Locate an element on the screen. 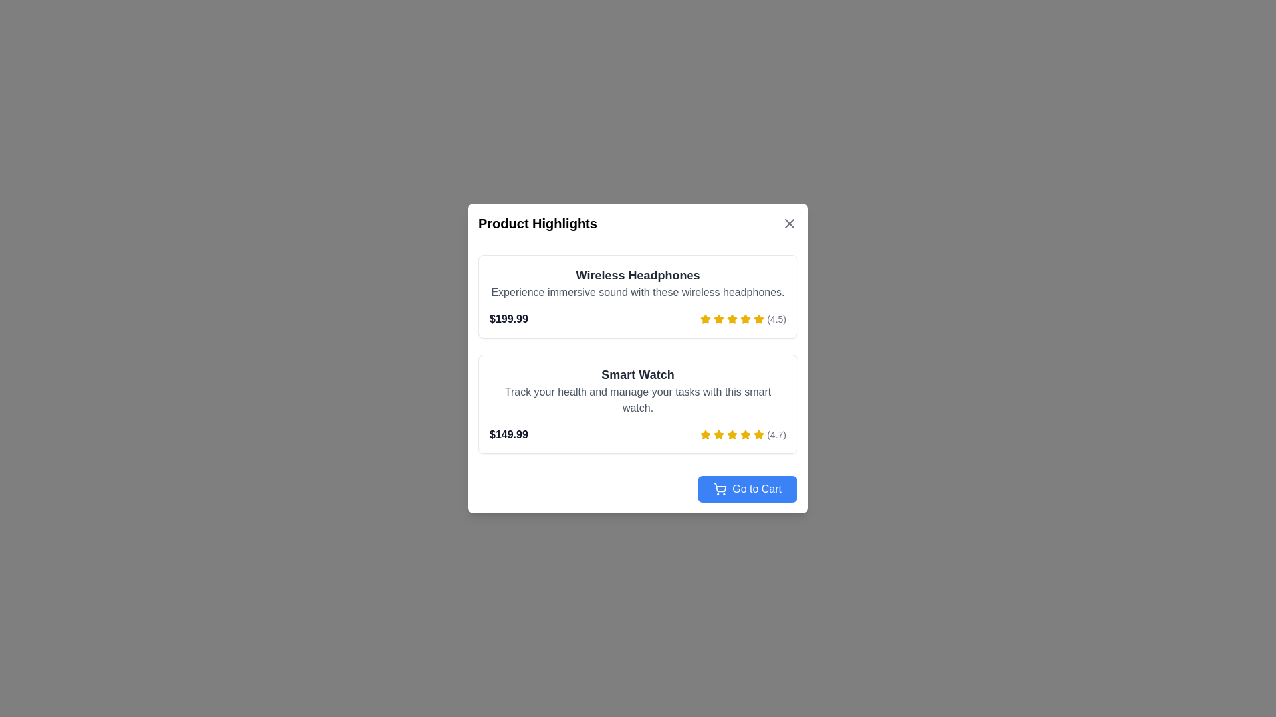 The image size is (1276, 717). first star icon representing the rating for the 'Wireless Headphones' product located in the product highlights section is located at coordinates (718, 319).